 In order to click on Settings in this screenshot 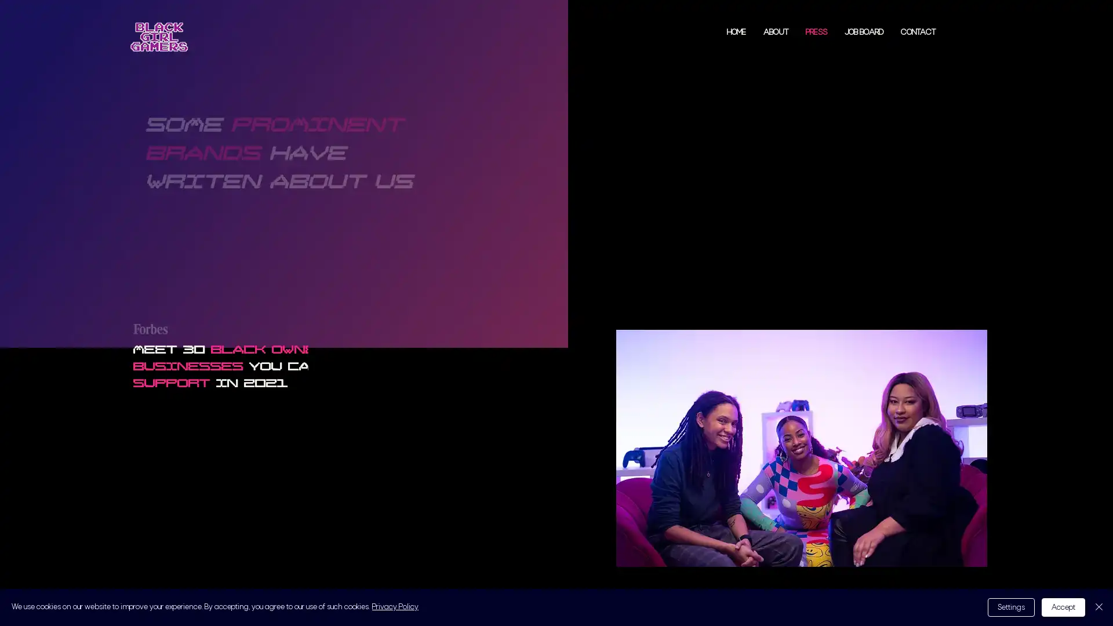, I will do `click(1010, 607)`.